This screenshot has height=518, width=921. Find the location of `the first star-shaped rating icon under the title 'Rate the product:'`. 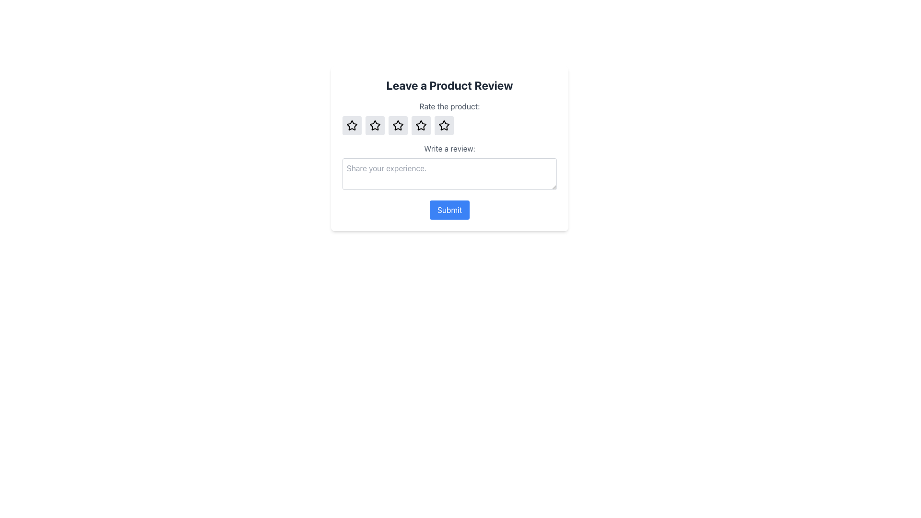

the first star-shaped rating icon under the title 'Rate the product:' is located at coordinates (352, 125).